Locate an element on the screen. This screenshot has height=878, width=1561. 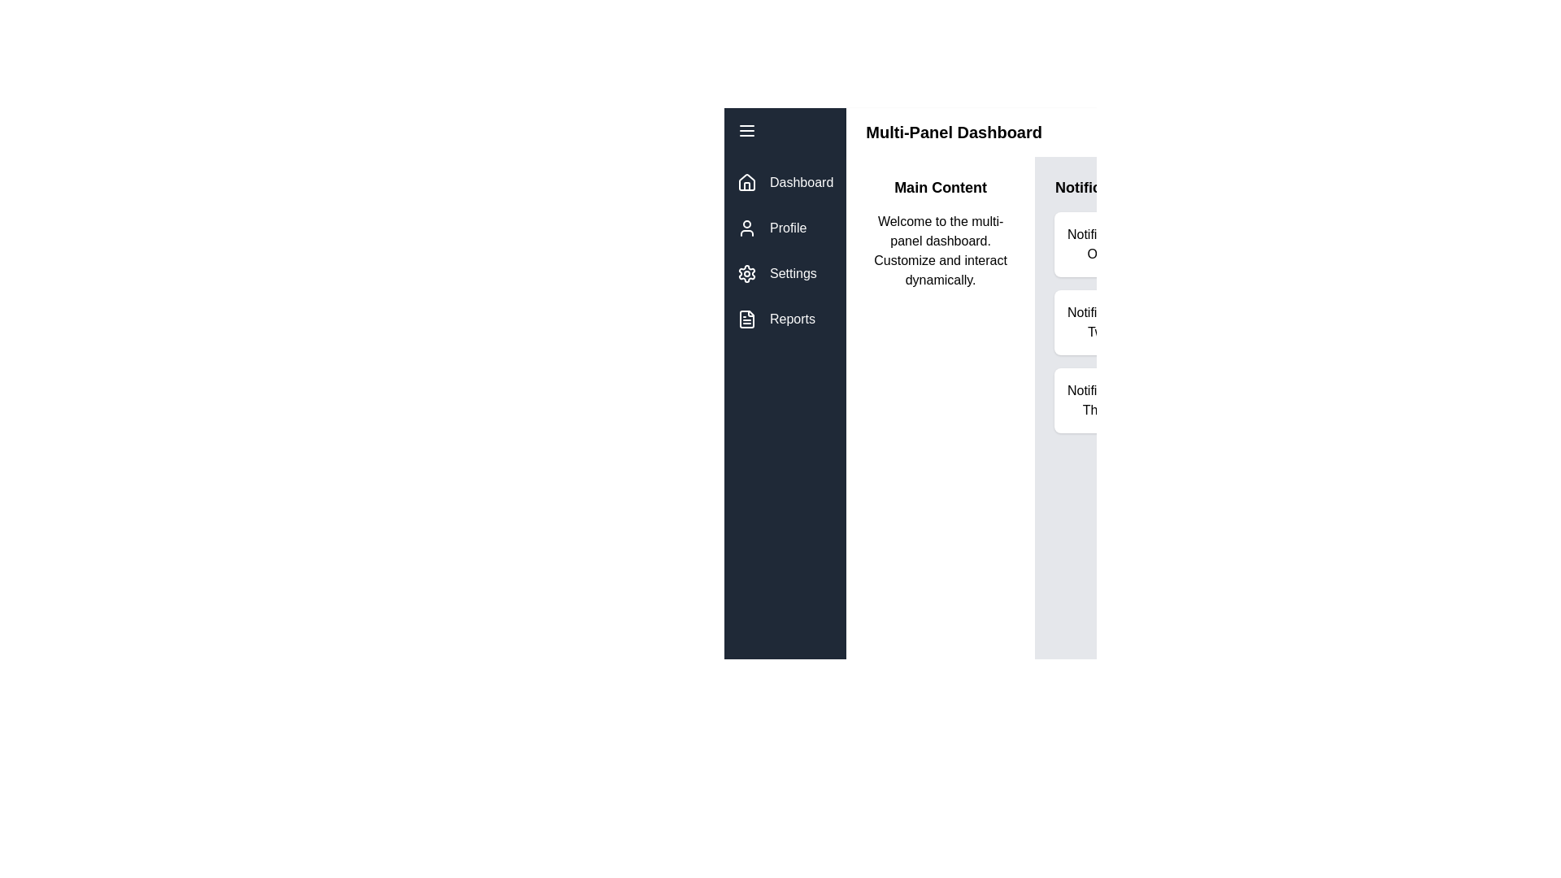
the gear icon in the sidebar navigation panel is located at coordinates (746, 272).